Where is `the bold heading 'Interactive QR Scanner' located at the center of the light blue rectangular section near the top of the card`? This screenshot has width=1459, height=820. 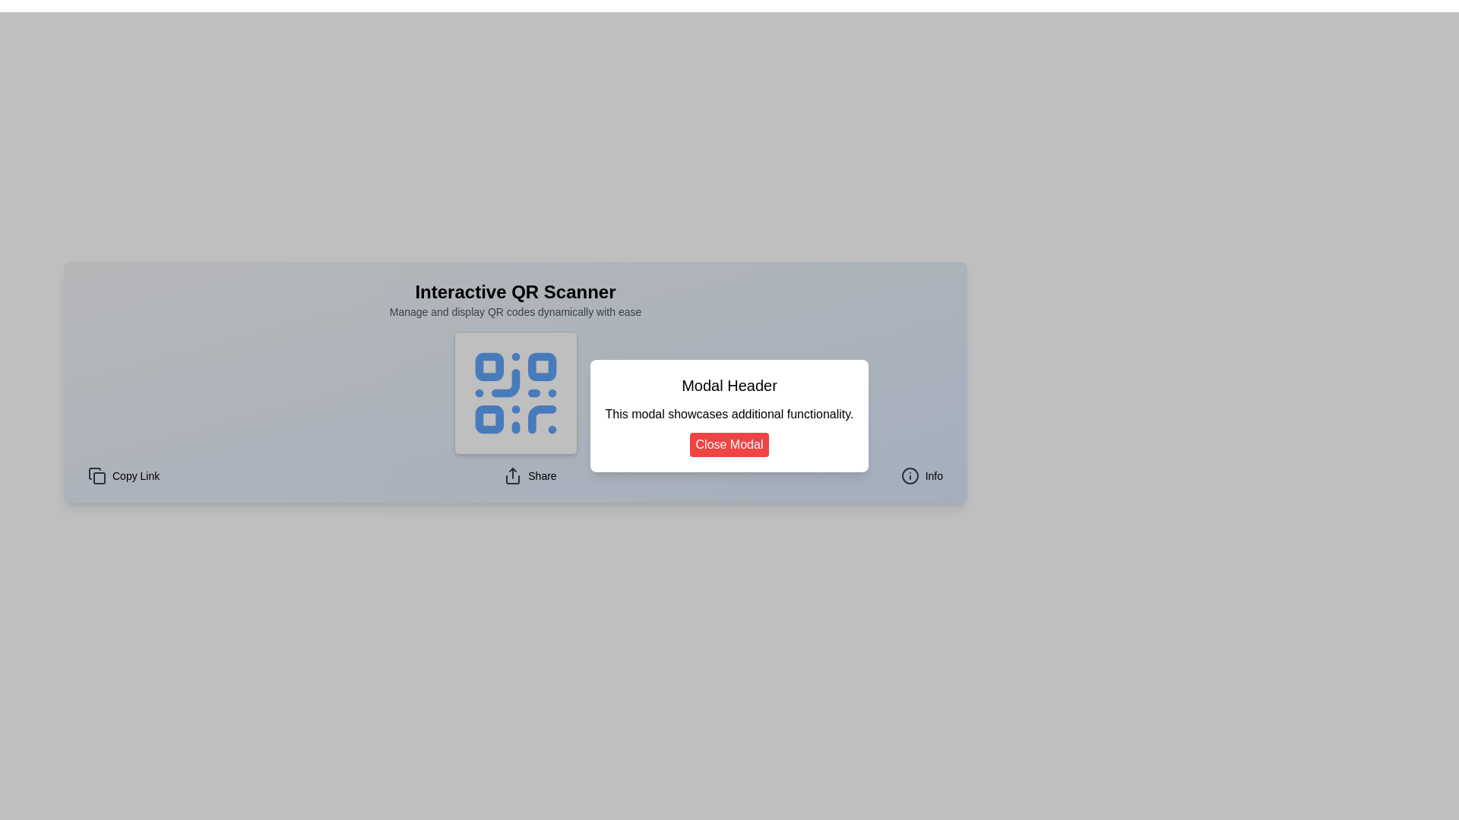
the bold heading 'Interactive QR Scanner' located at the center of the light blue rectangular section near the top of the card is located at coordinates (515, 292).